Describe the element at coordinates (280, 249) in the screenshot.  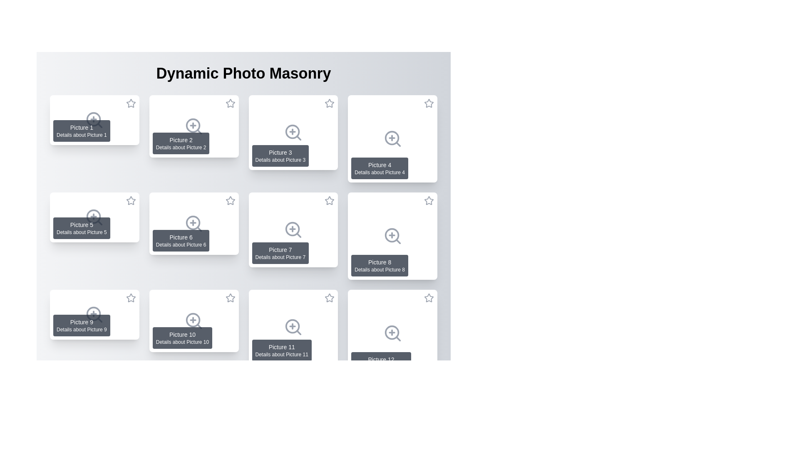
I see `the Text label that serves as a title for the associated picture card, indicating the image's name or designation, located at the bottom section of the caption box inside the white card for 'Picture 7'` at that location.